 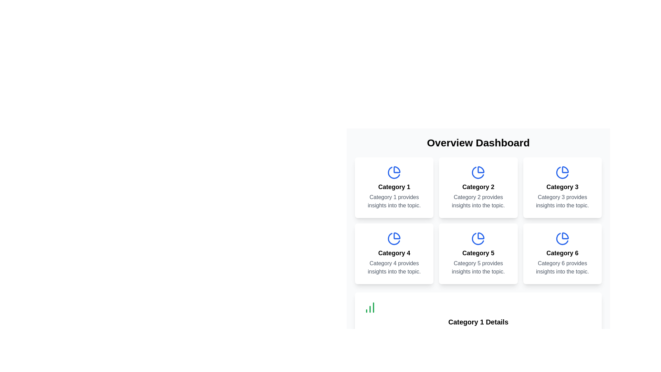 I want to click on text from the Text Header at the top of the dashboard, which provides a title for the section below, so click(x=478, y=143).